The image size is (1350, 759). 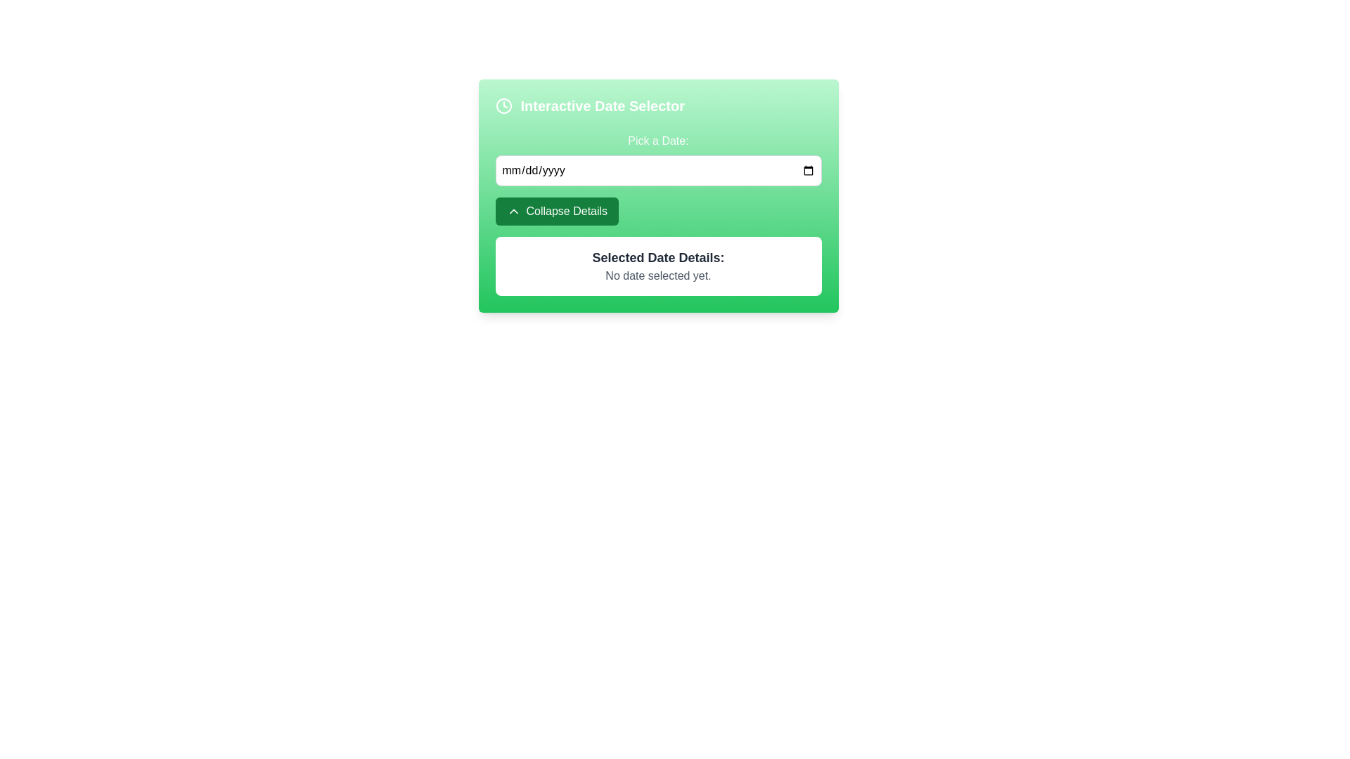 I want to click on the circular SVG element representing the clock icon, which is located at the center of the clock and has a radius of 10 pixels, so click(x=503, y=105).